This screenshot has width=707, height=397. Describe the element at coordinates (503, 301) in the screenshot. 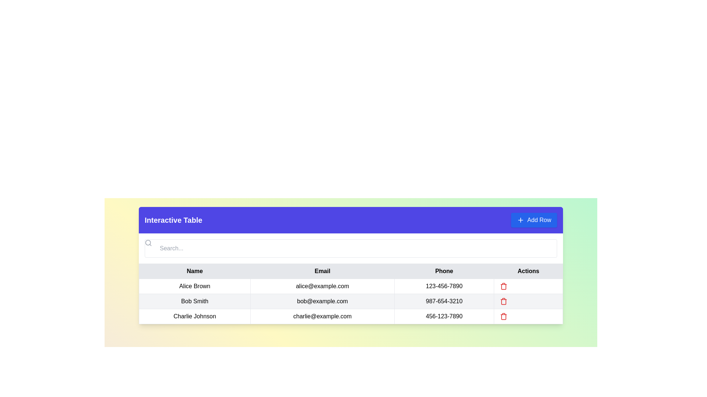

I see `the red trash can icon button located in the 'Actions' column of the second row, next to the 'Phone' column for the contact 'Bob Smith'` at that location.